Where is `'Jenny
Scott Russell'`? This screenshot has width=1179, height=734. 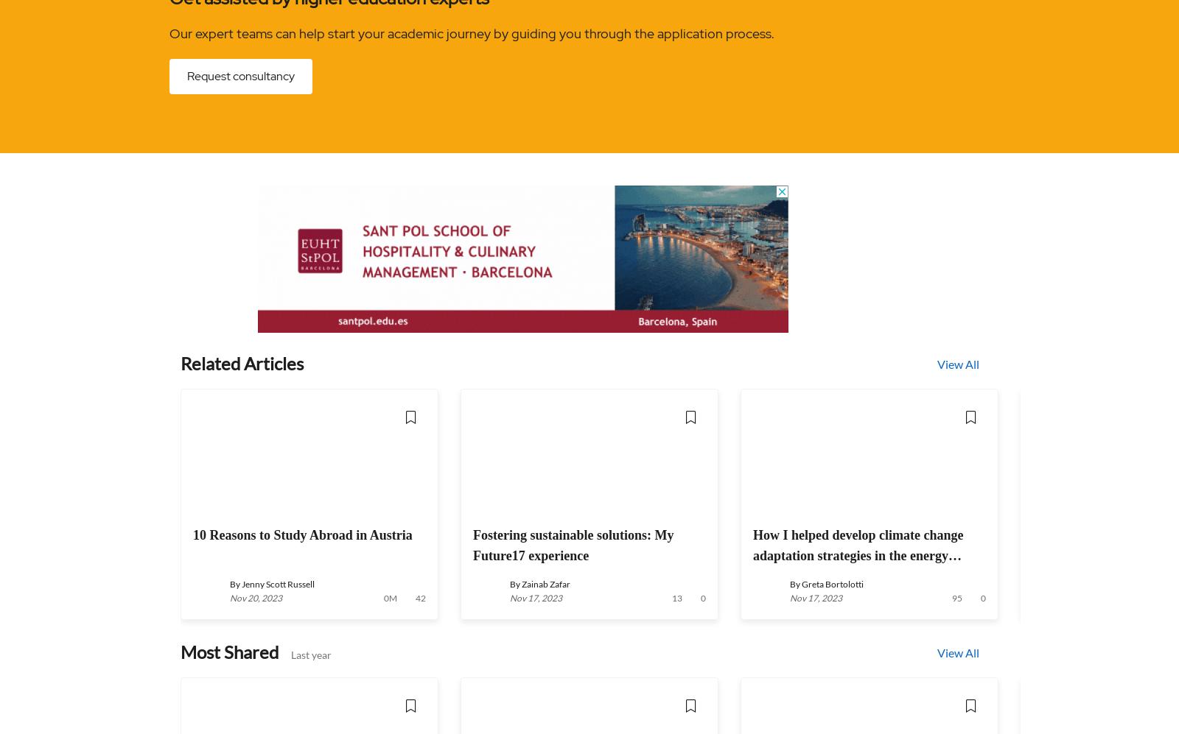
'Jenny
Scott Russell' is located at coordinates (242, 583).